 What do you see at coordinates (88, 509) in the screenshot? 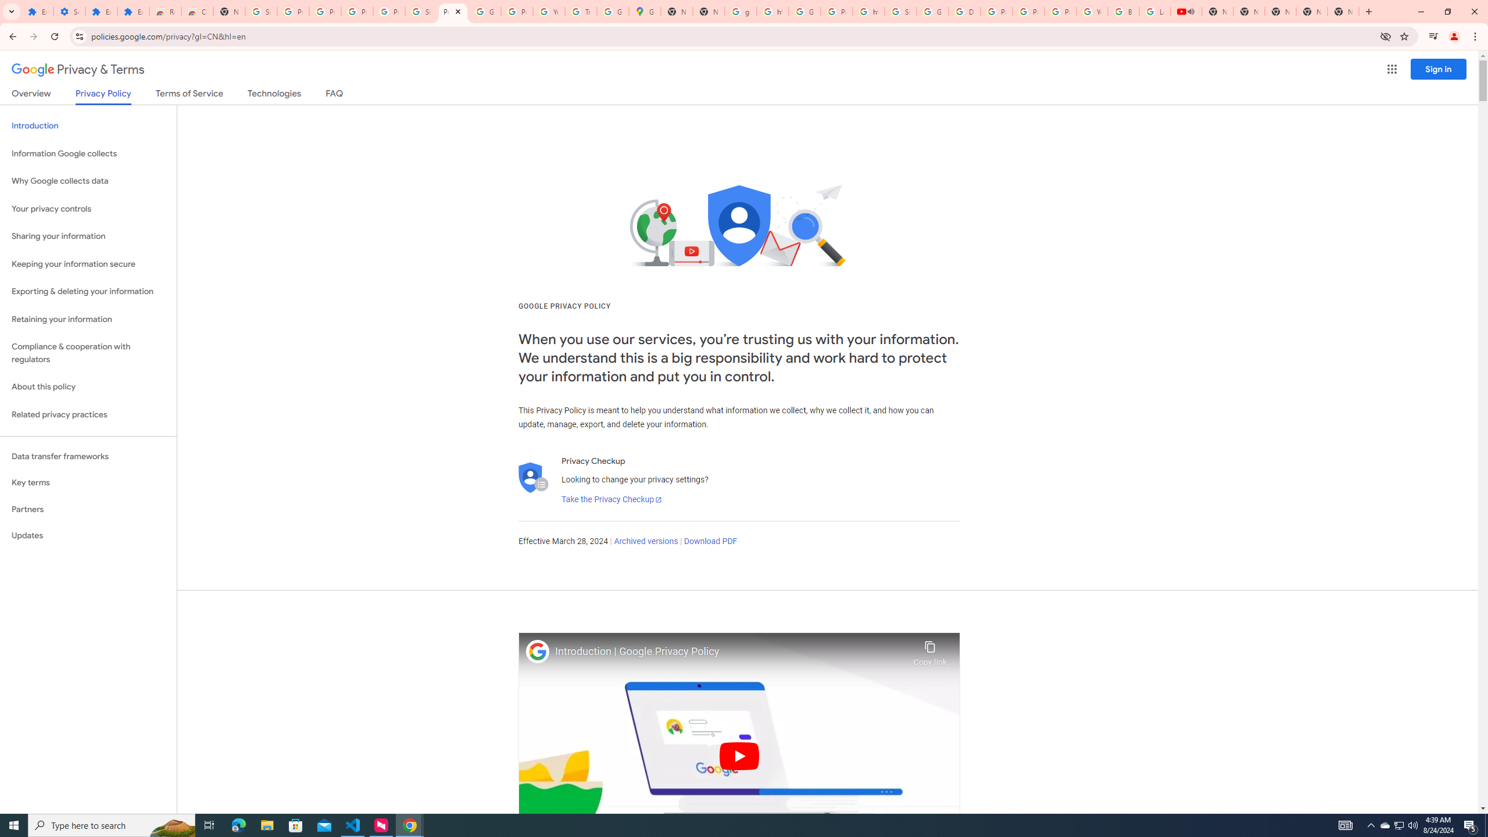
I see `'Partners'` at bounding box center [88, 509].